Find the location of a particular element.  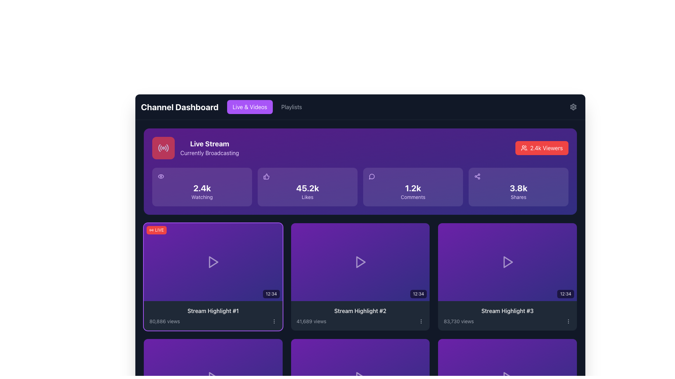

the navigation button for playlists, located immediately to the right of the 'Live & Videos' button is located at coordinates (291, 107).